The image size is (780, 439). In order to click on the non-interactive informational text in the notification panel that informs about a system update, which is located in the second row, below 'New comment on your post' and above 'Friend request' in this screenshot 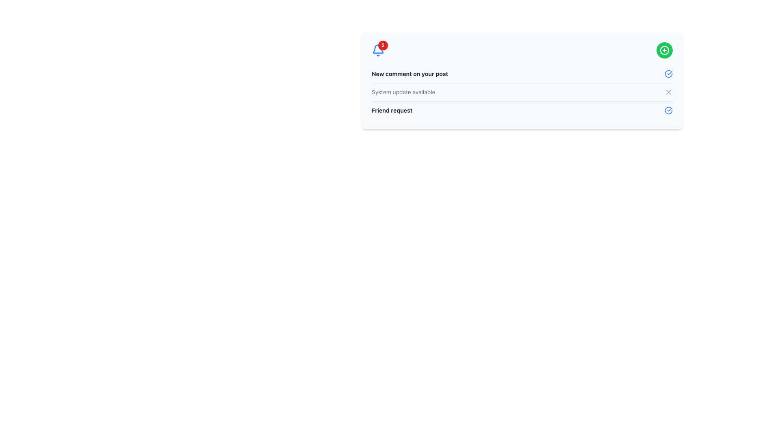, I will do `click(403, 92)`.